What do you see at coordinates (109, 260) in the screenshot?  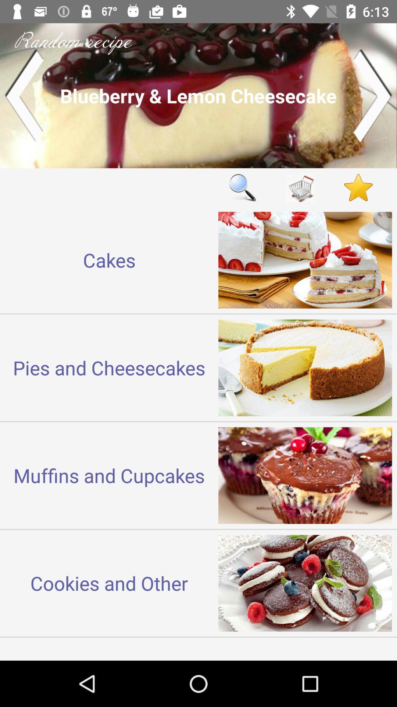 I see `cakes icon` at bounding box center [109, 260].